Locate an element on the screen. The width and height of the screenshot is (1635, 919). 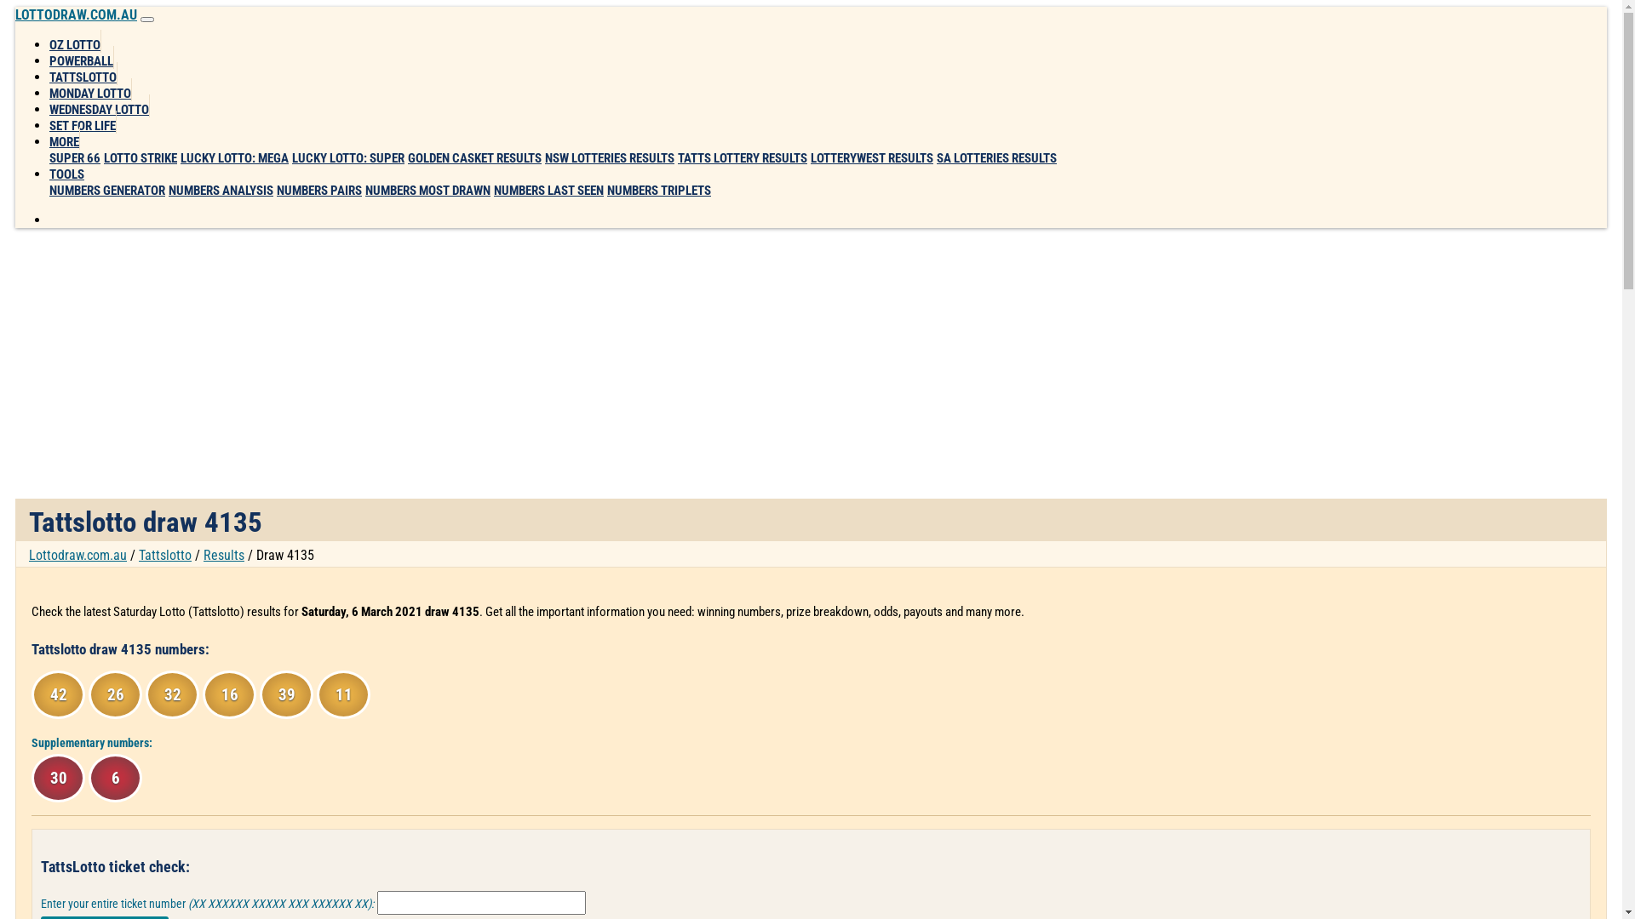
'TOOLS' is located at coordinates (49, 170).